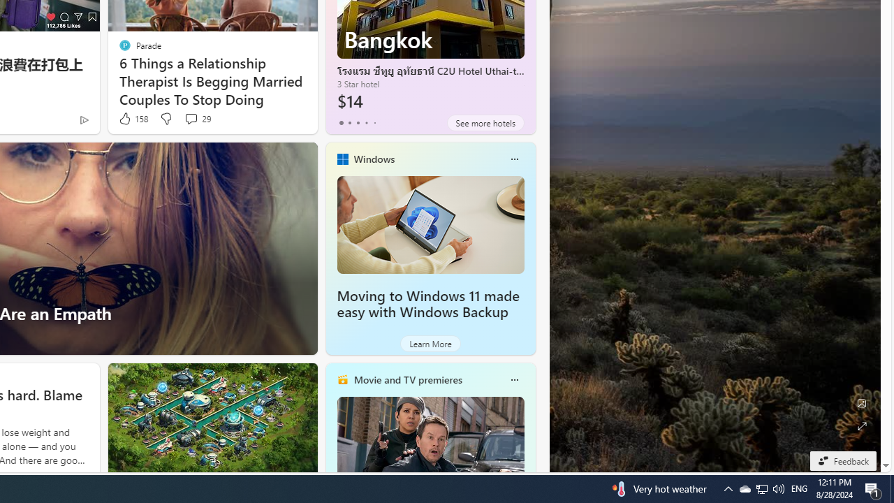 Image resolution: width=894 pixels, height=503 pixels. Describe the element at coordinates (196, 118) in the screenshot. I see `'View comments 29 Comment'` at that location.